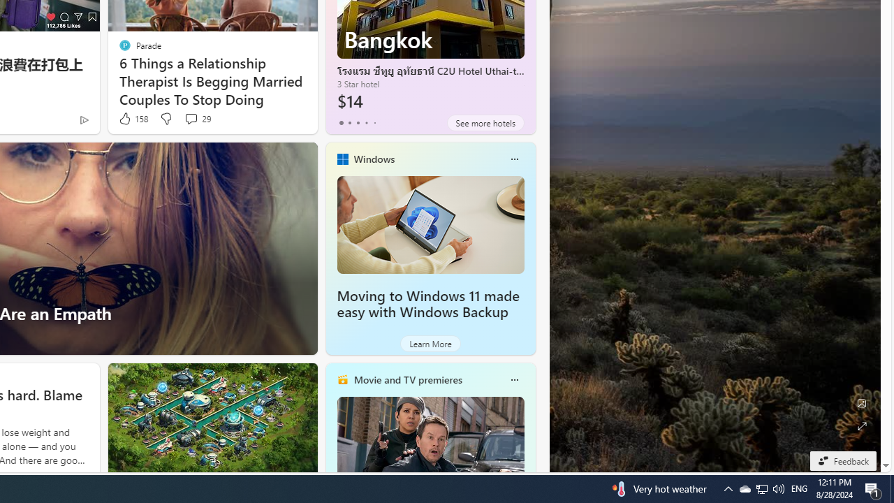 Image resolution: width=894 pixels, height=503 pixels. Describe the element at coordinates (196, 118) in the screenshot. I see `'View comments 29 Comment'` at that location.